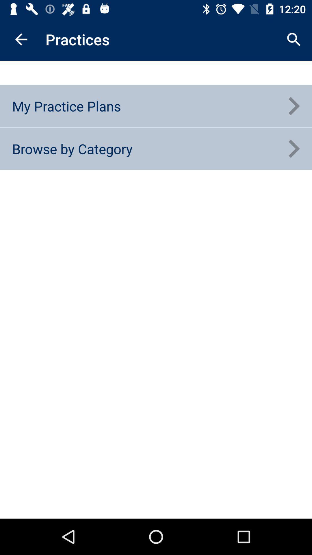 This screenshot has height=555, width=312. What do you see at coordinates (294, 149) in the screenshot?
I see `icon to the right of browse by category item` at bounding box center [294, 149].